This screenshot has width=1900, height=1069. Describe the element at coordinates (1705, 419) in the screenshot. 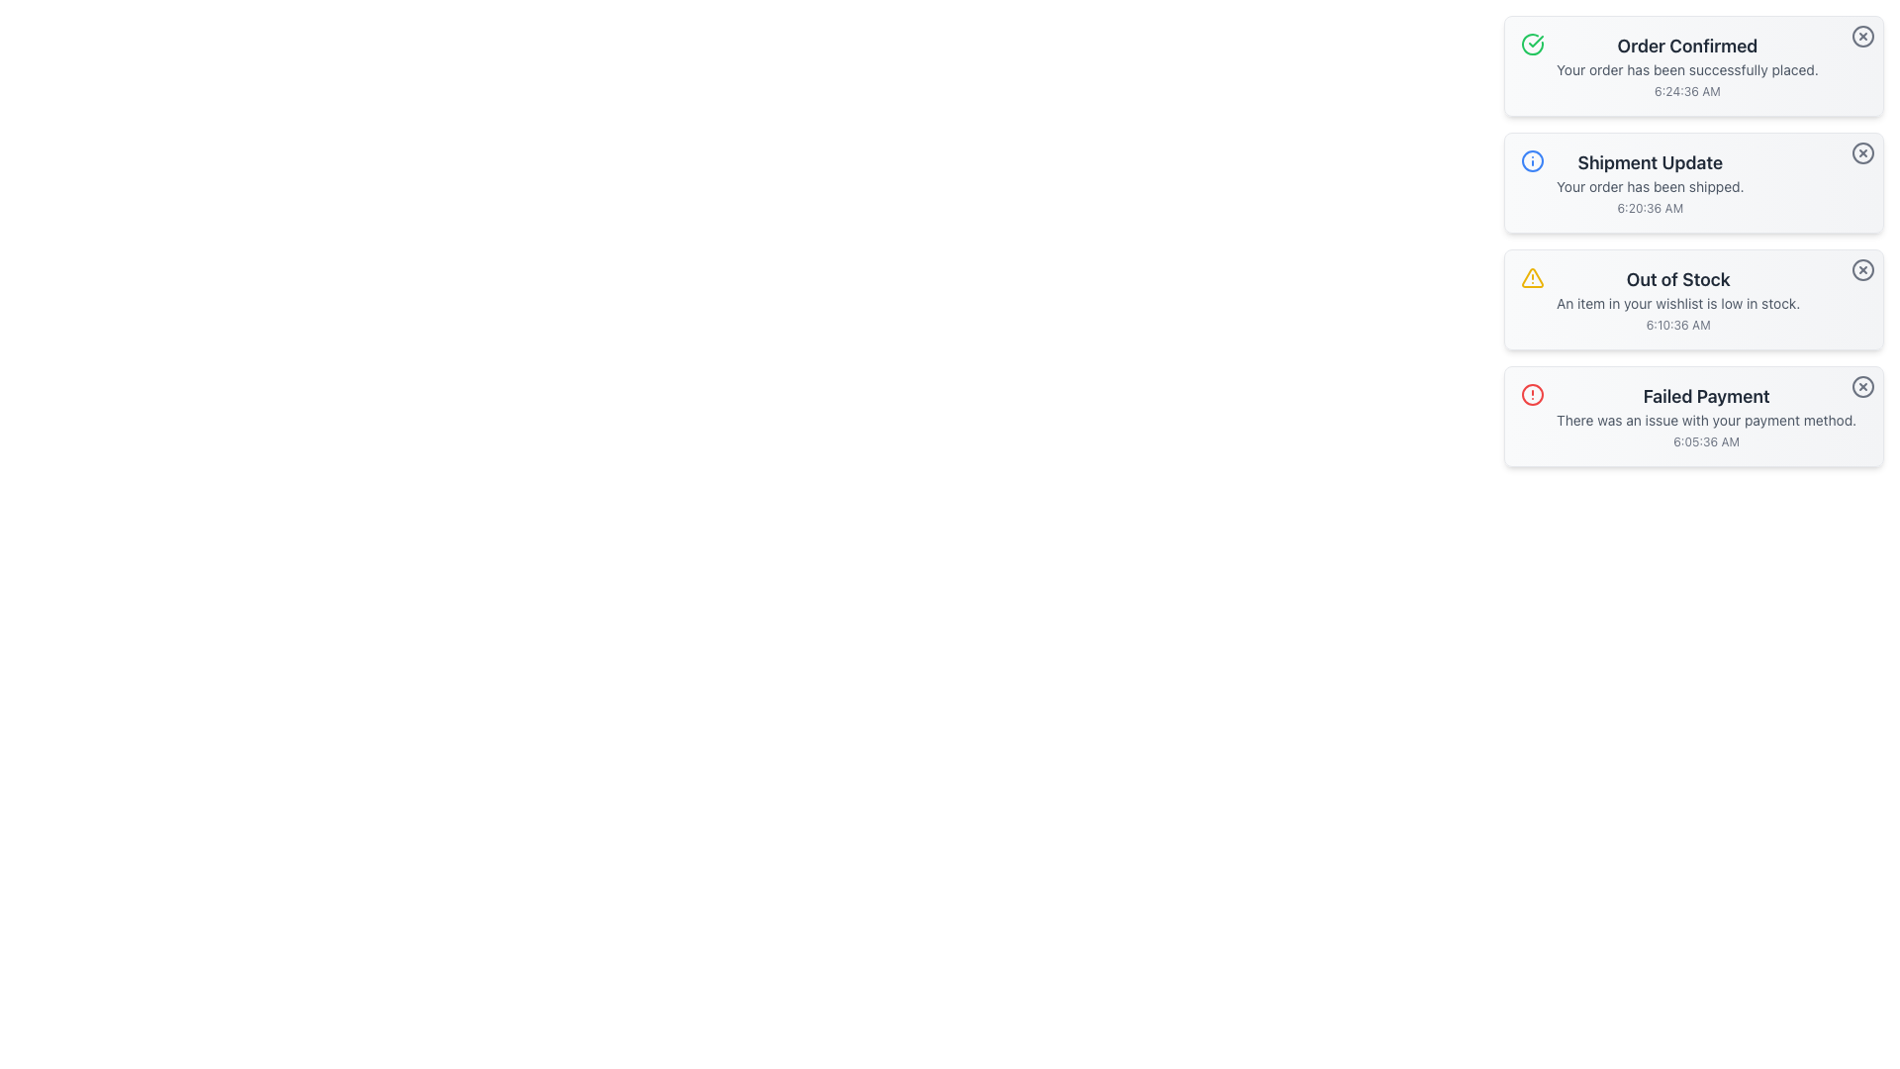

I see `the static text label that reads 'There was an issue with your payment method.' positioned below the title 'Failed Payment' and above the timestamp '6:05:36 AM'` at that location.